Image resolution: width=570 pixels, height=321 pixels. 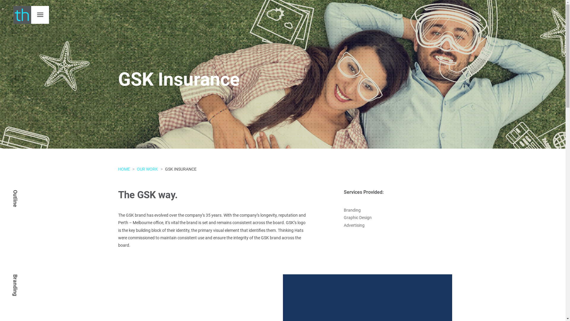 I want to click on 'OUR WORK', so click(x=147, y=169).